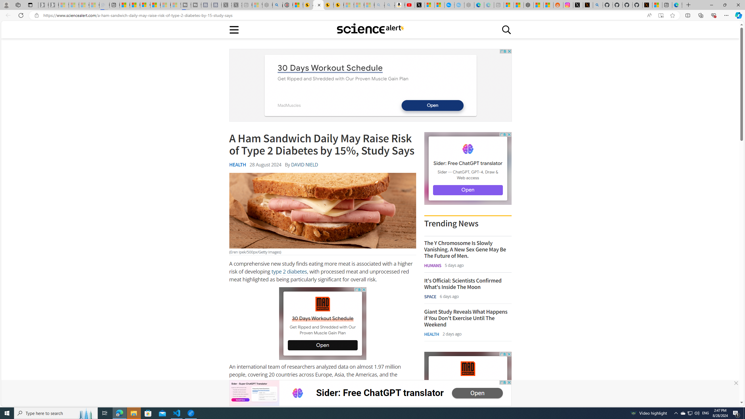 The width and height of the screenshot is (745, 419). Describe the element at coordinates (506, 29) in the screenshot. I see `'Class: sciencealert-search-desktop-svg '` at that location.